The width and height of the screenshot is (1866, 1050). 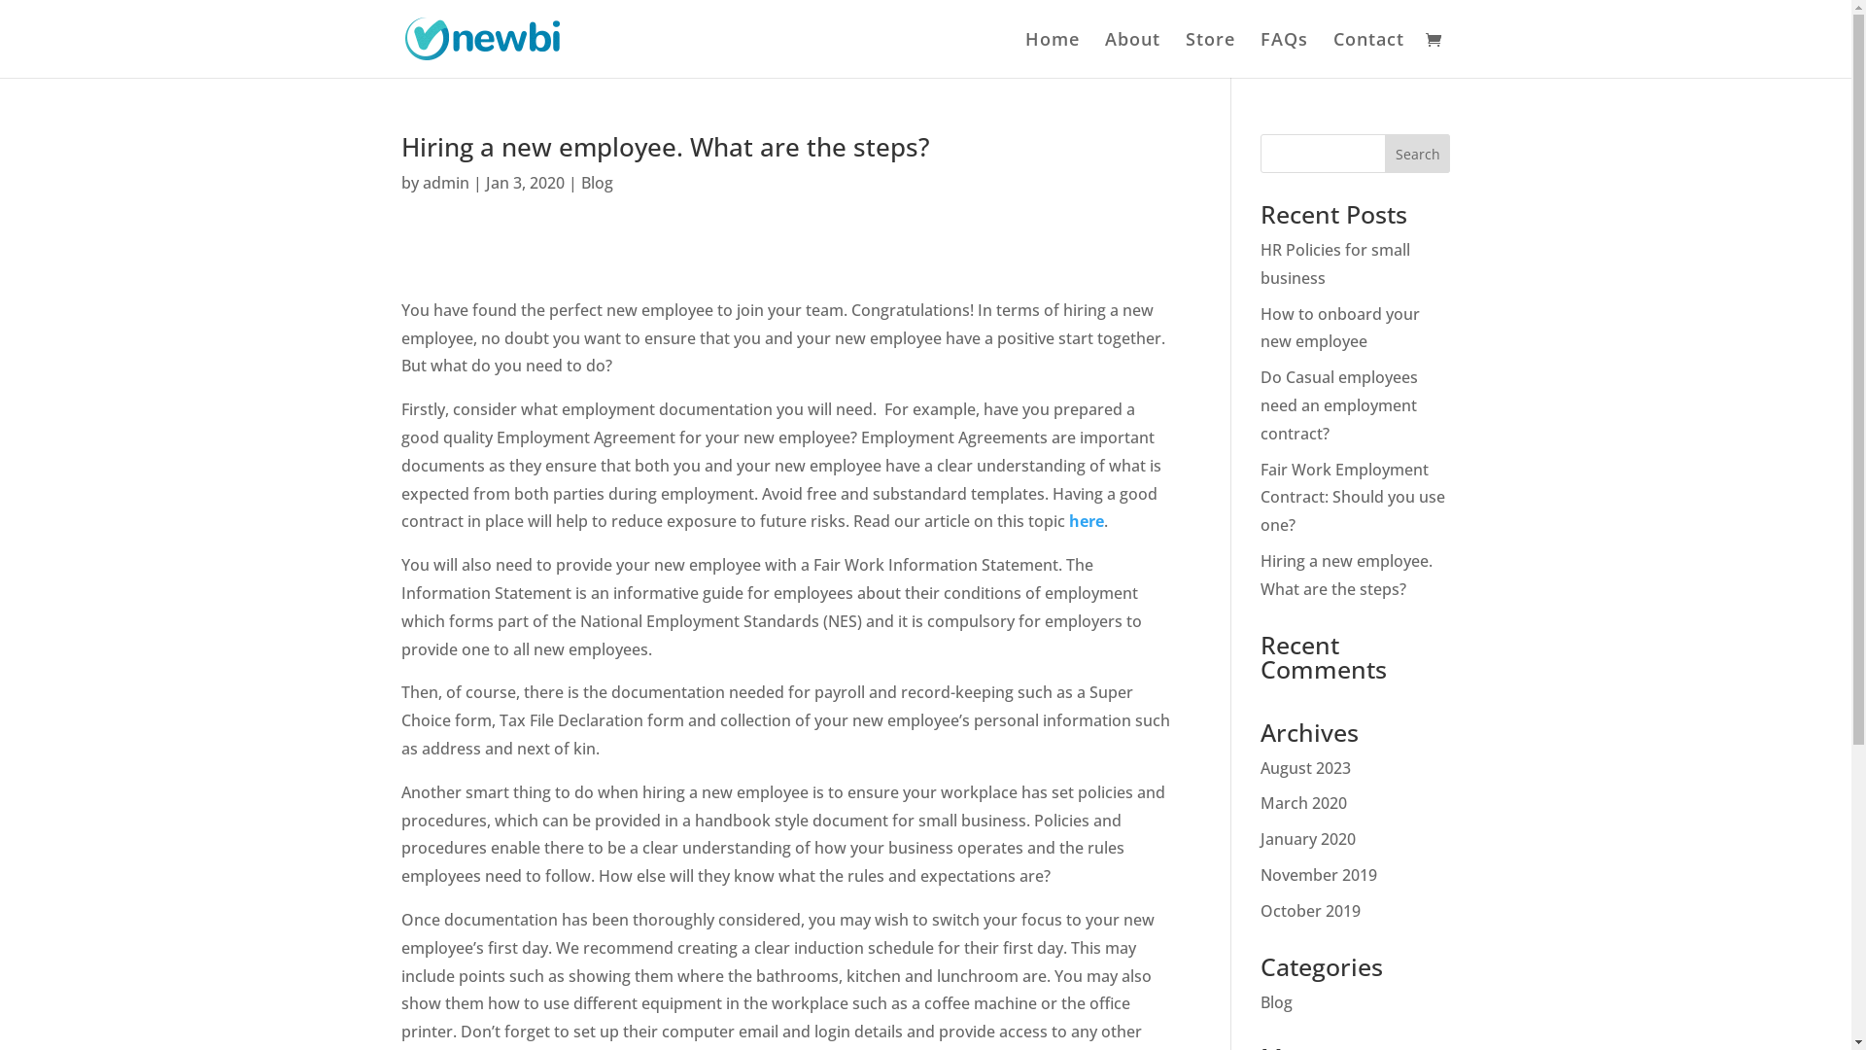 What do you see at coordinates (1338, 327) in the screenshot?
I see `'How to onboard your new employee'` at bounding box center [1338, 327].